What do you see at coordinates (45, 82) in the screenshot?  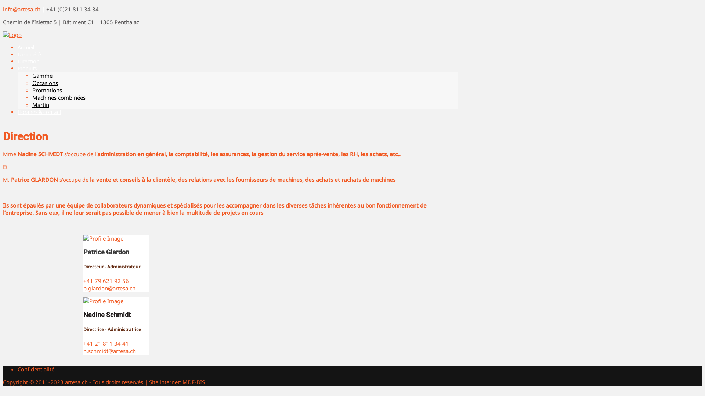 I see `'Occasions'` at bounding box center [45, 82].